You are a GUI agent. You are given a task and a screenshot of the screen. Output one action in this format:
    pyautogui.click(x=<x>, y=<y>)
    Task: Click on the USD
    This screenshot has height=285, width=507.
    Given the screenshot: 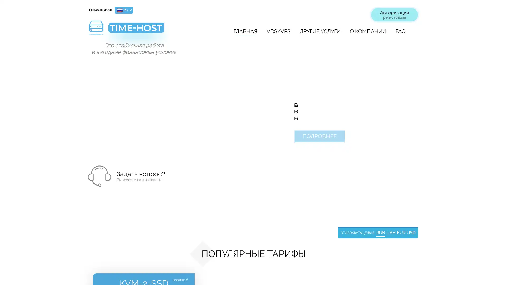 What is the action you would take?
    pyautogui.click(x=411, y=233)
    